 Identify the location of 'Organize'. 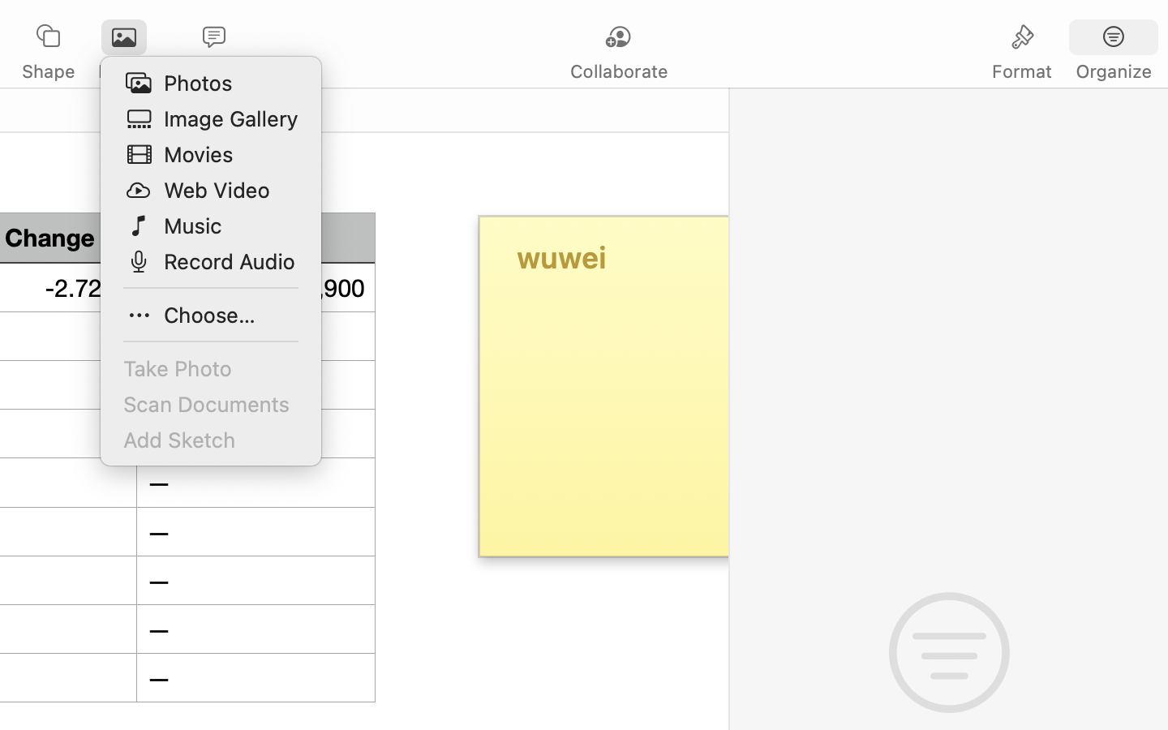
(1112, 71).